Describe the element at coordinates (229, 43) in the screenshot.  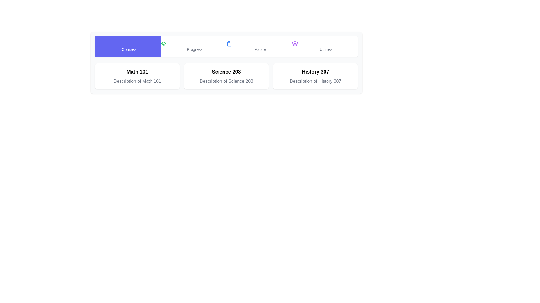
I see `main rectangular body of the clipboard icon, which is part of an SVG within the menu interface, using developer tools` at that location.